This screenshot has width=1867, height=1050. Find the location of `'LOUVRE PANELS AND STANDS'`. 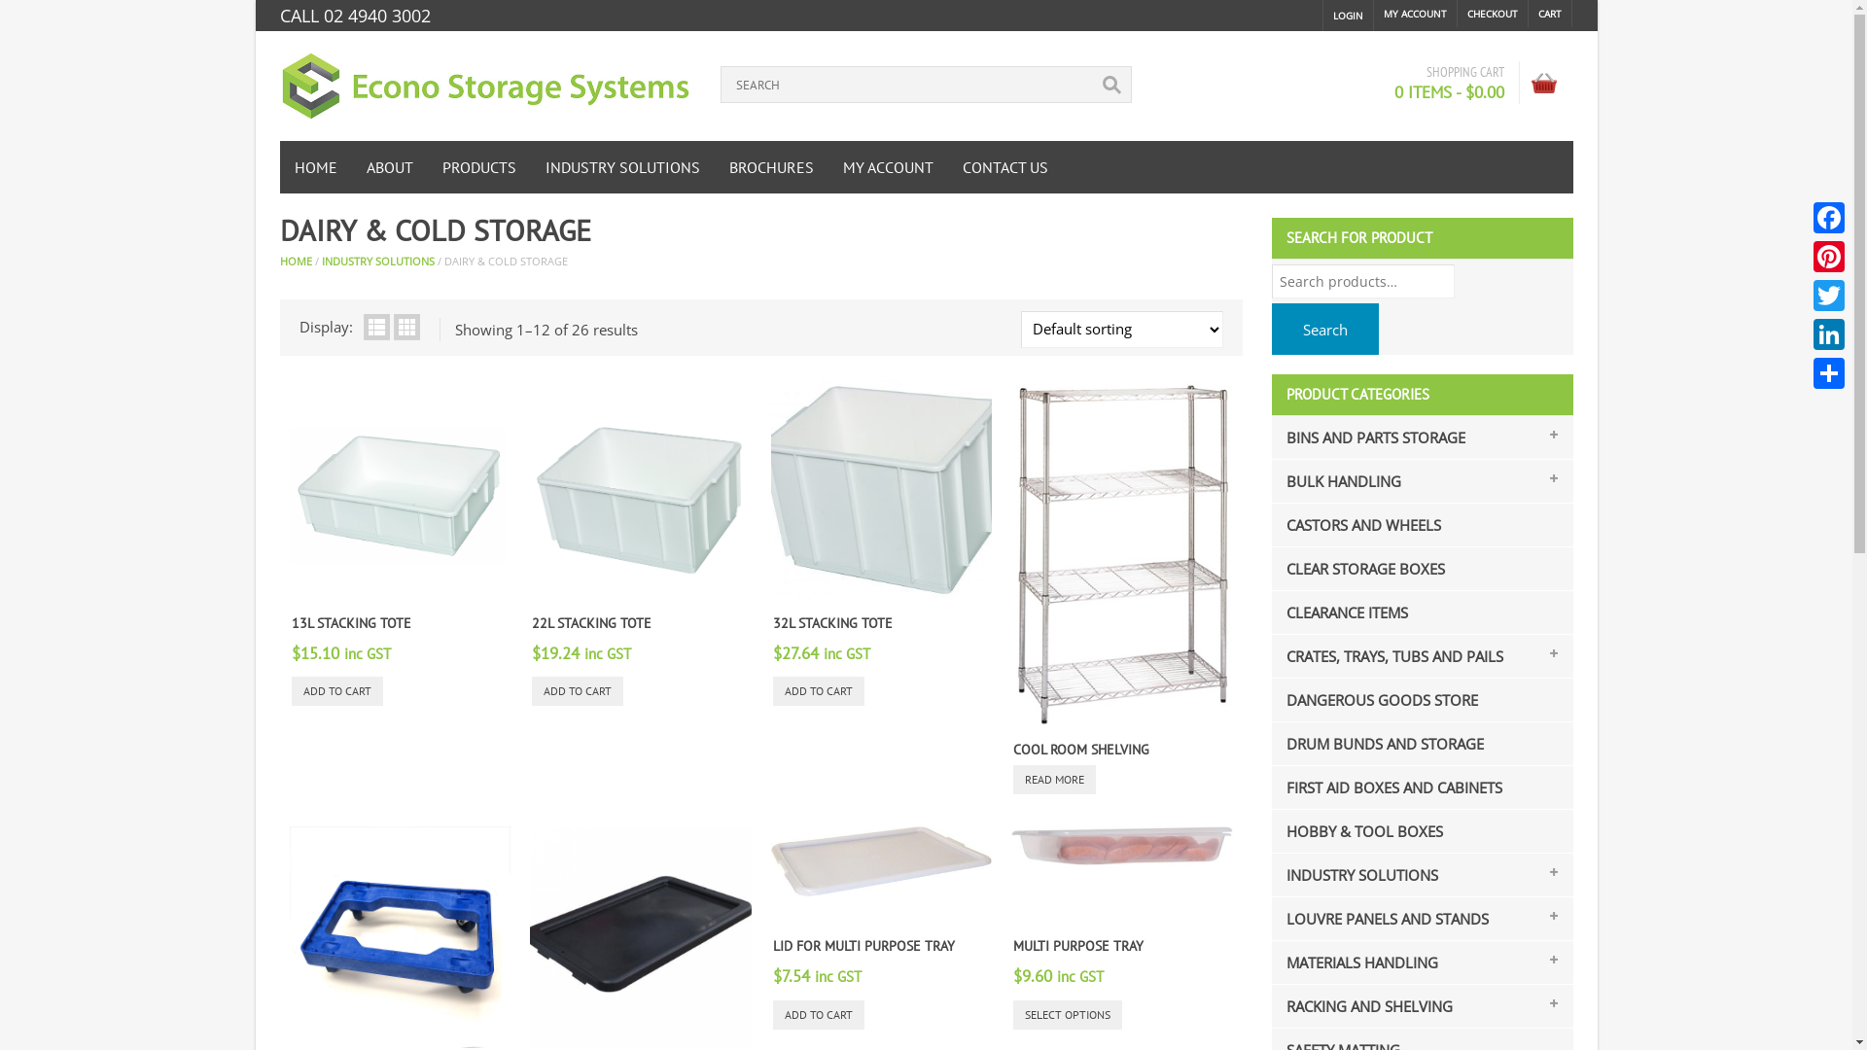

'LOUVRE PANELS AND STANDS' is located at coordinates (1380, 919).